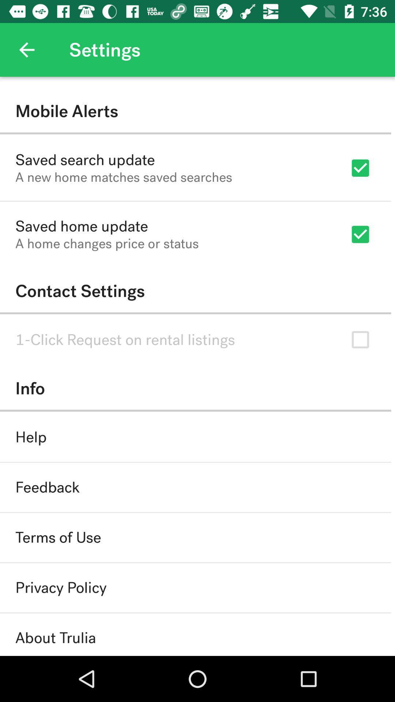 This screenshot has height=702, width=395. I want to click on the contact settings icon, so click(195, 291).